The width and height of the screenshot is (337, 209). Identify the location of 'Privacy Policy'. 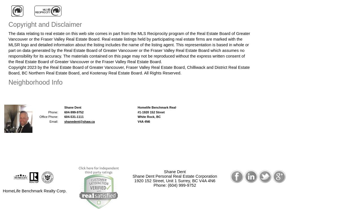
(137, 193).